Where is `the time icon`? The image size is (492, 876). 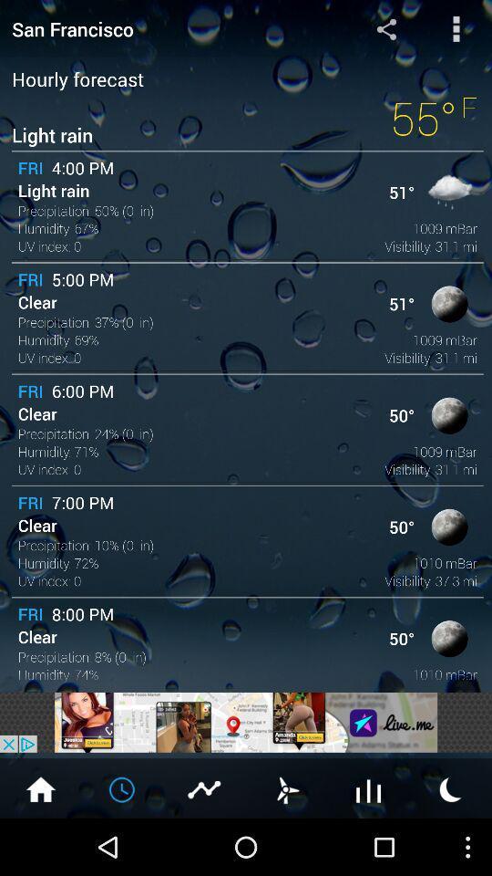 the time icon is located at coordinates (123, 844).